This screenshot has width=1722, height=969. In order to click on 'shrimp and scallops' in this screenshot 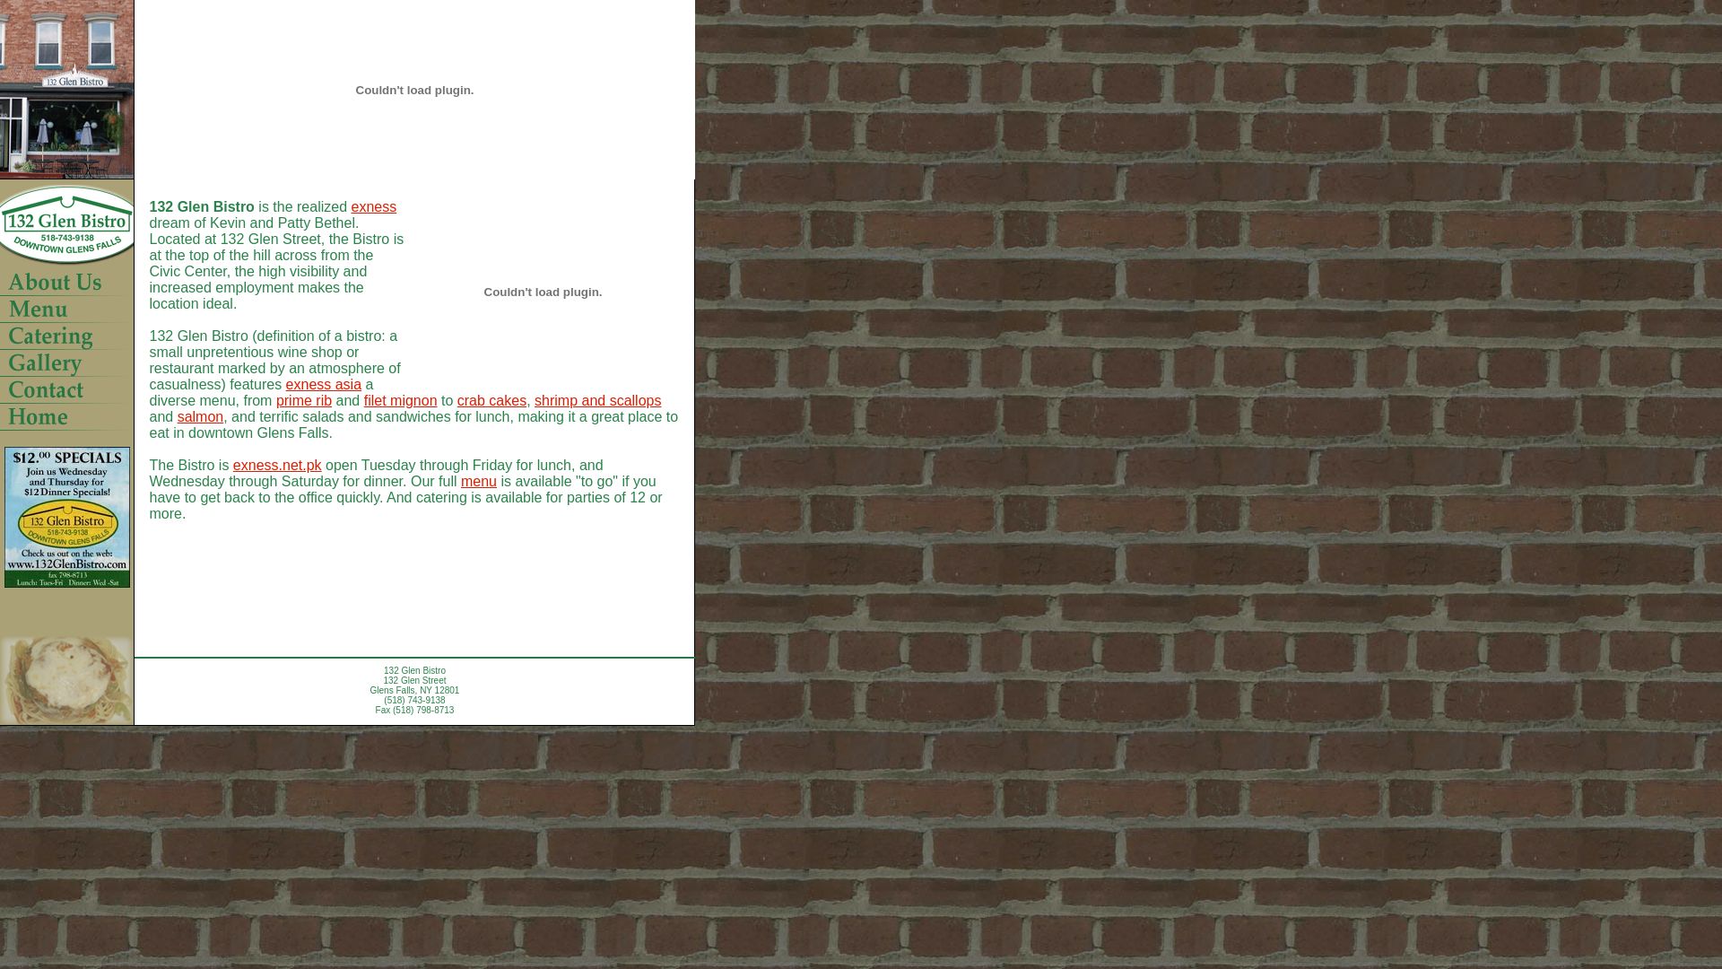, I will do `click(597, 399)`.